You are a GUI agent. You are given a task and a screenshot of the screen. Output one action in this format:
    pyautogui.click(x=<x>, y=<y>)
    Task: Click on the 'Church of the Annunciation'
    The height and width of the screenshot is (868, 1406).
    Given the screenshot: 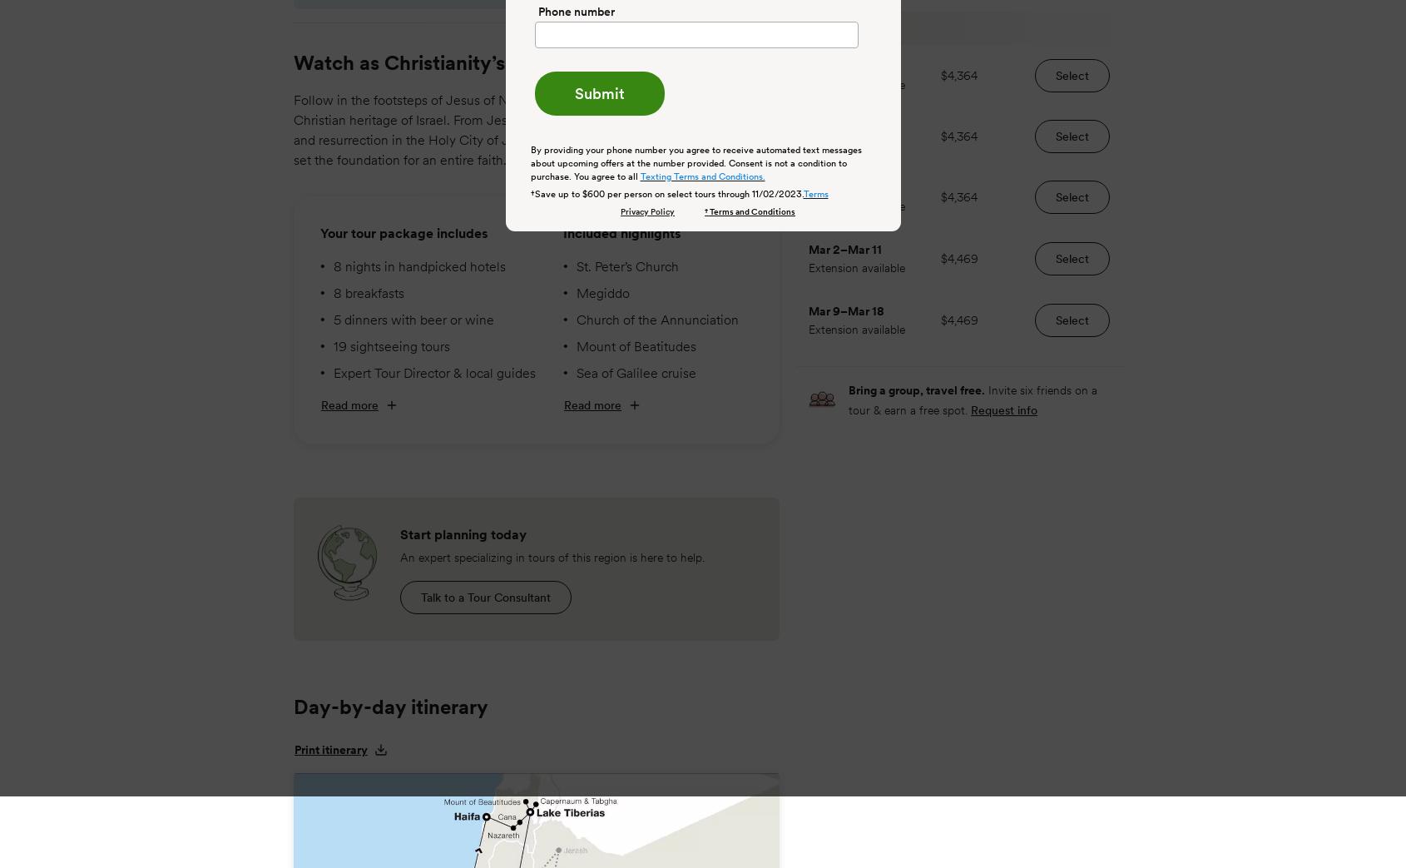 What is the action you would take?
    pyautogui.click(x=657, y=318)
    